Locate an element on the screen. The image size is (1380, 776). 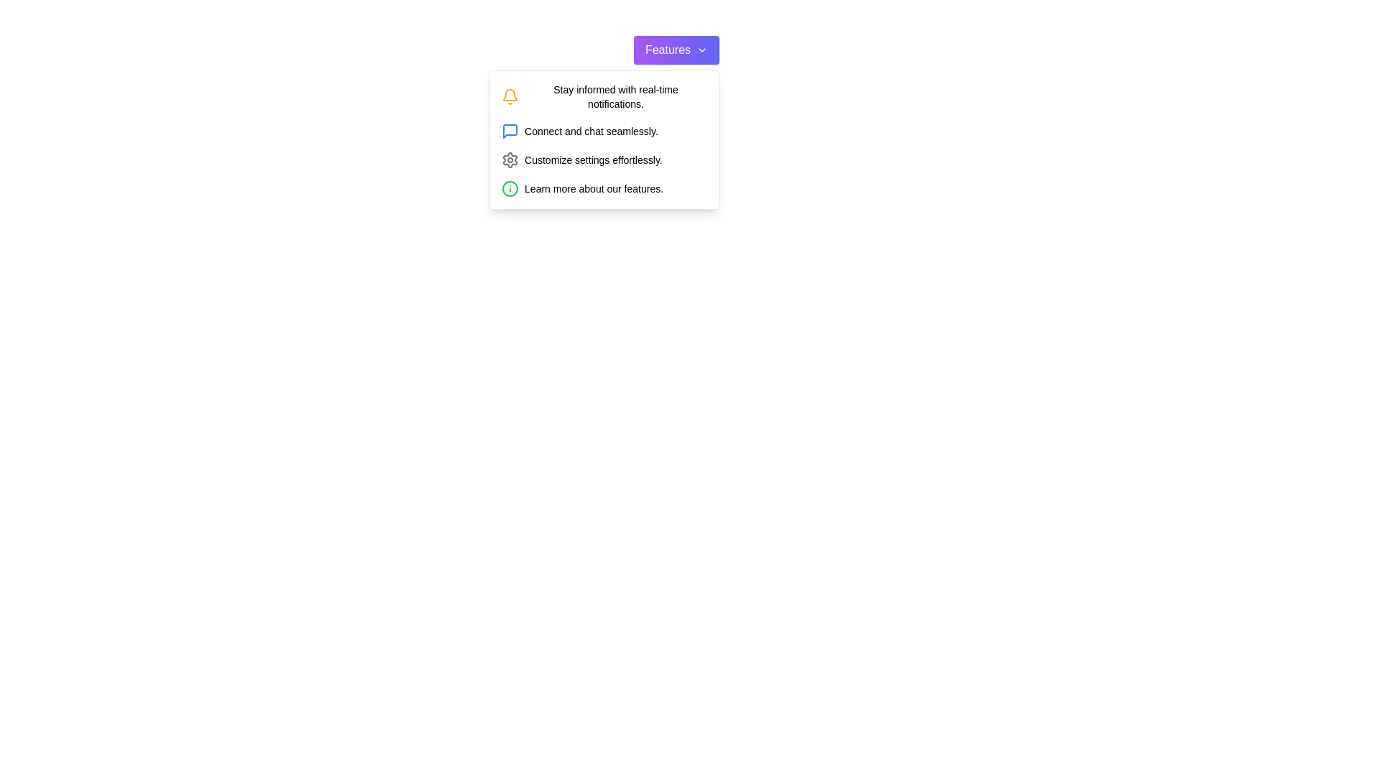
the third list item in the 'Features' dropdown menu that provides access to customizing user settings is located at coordinates (604, 160).